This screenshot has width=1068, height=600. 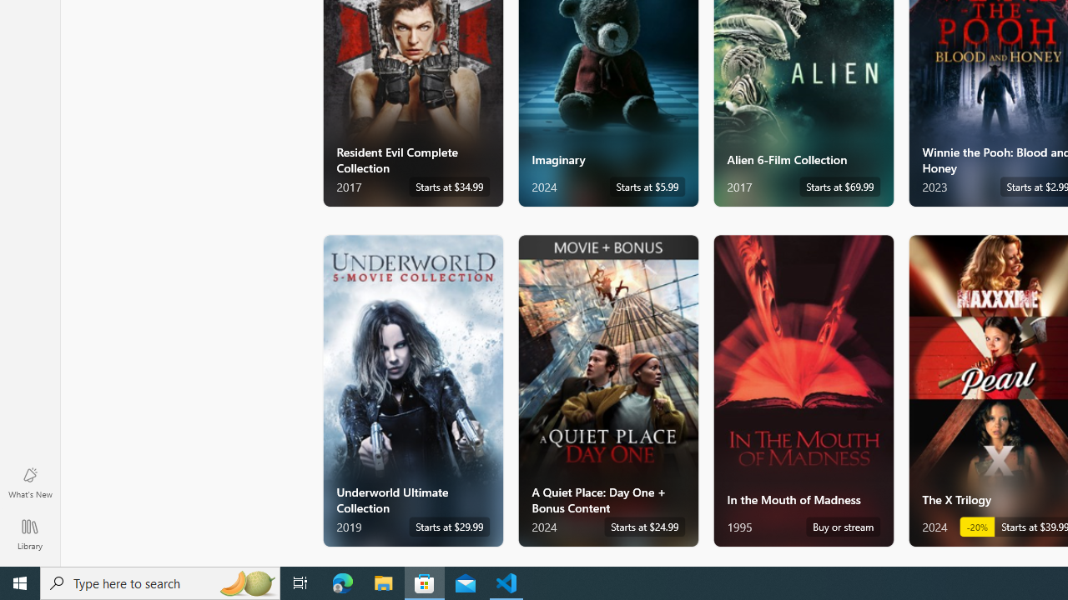 I want to click on 'What', so click(x=29, y=482).